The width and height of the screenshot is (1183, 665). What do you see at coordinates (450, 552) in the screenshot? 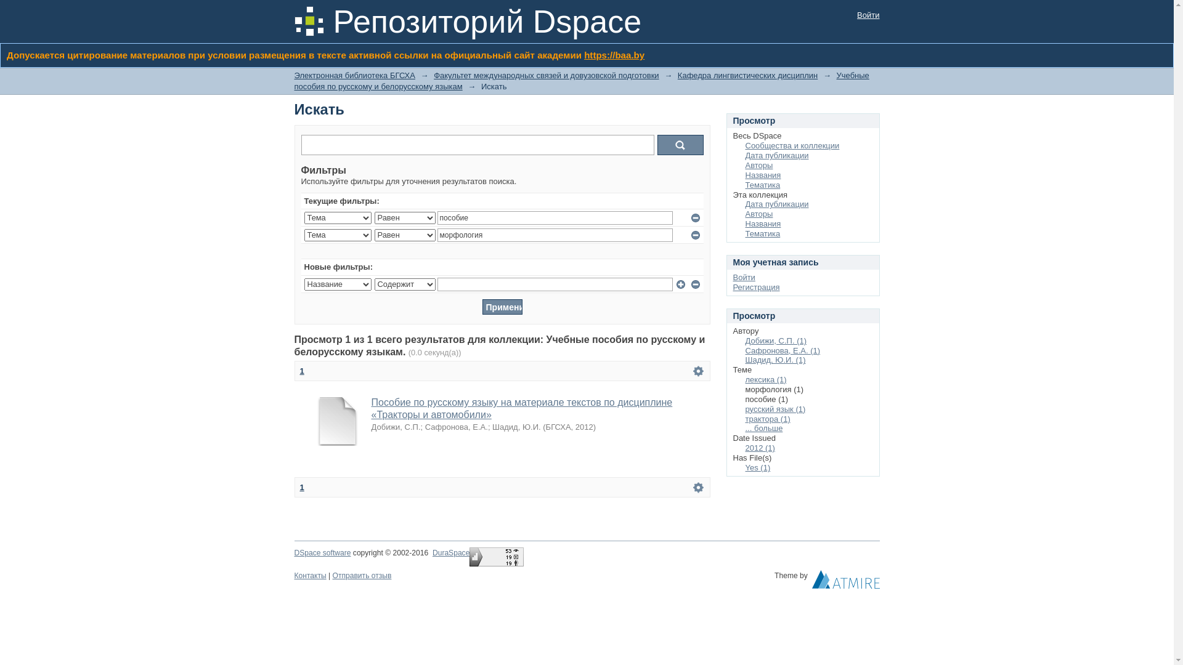
I see `'DuraSpace'` at bounding box center [450, 552].